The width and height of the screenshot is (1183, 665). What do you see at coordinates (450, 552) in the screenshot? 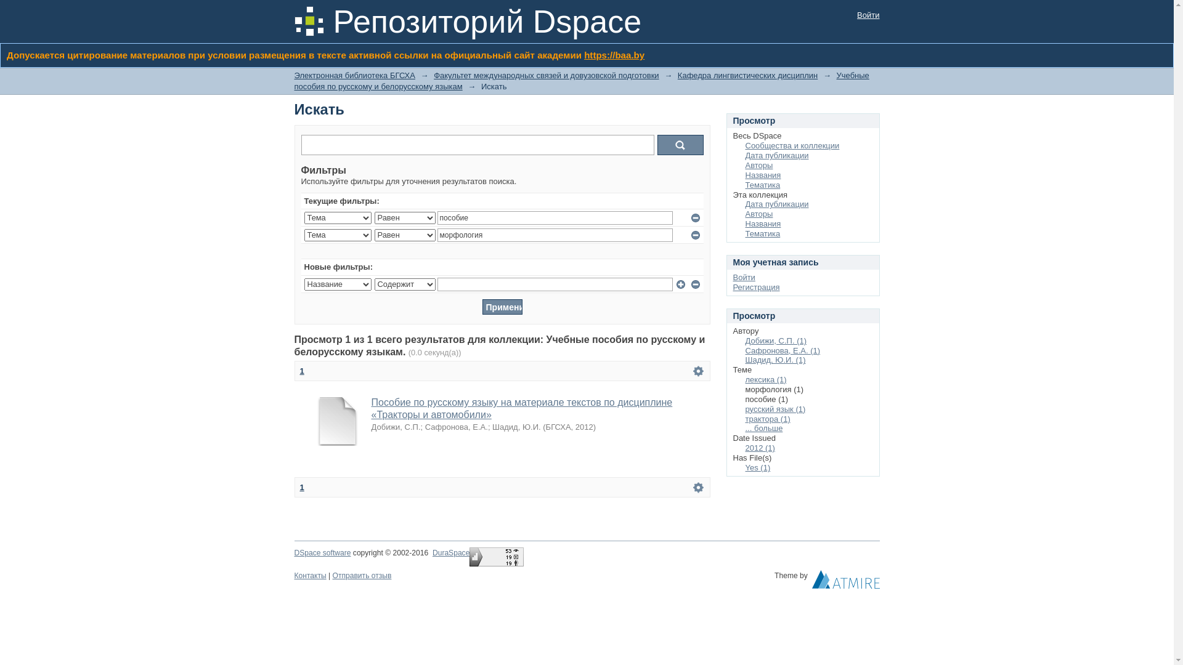
I see `'DuraSpace'` at bounding box center [450, 552].